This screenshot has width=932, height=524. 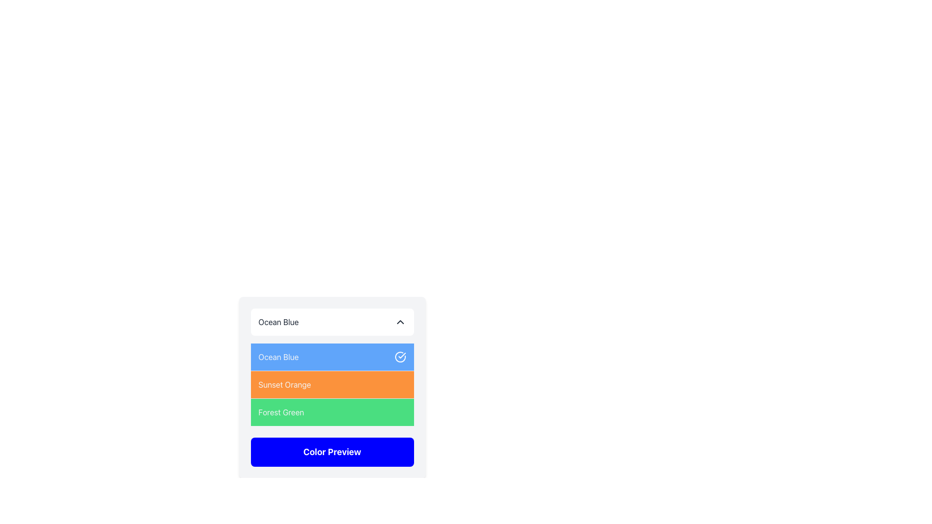 I want to click on the Text Label displaying the selected color name 'Ocean Blue' within the dropdown widget, so click(x=278, y=322).